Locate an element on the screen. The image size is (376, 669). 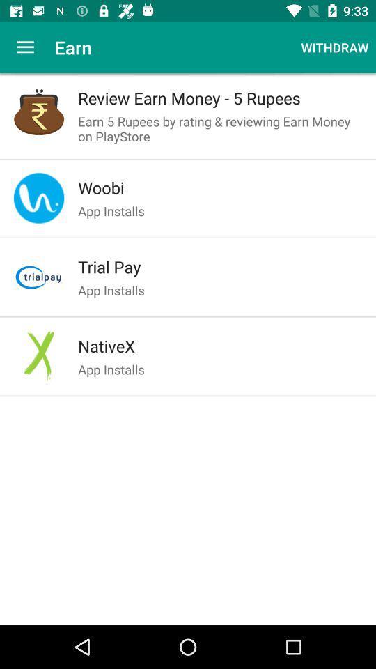
the woobi item is located at coordinates (220, 187).